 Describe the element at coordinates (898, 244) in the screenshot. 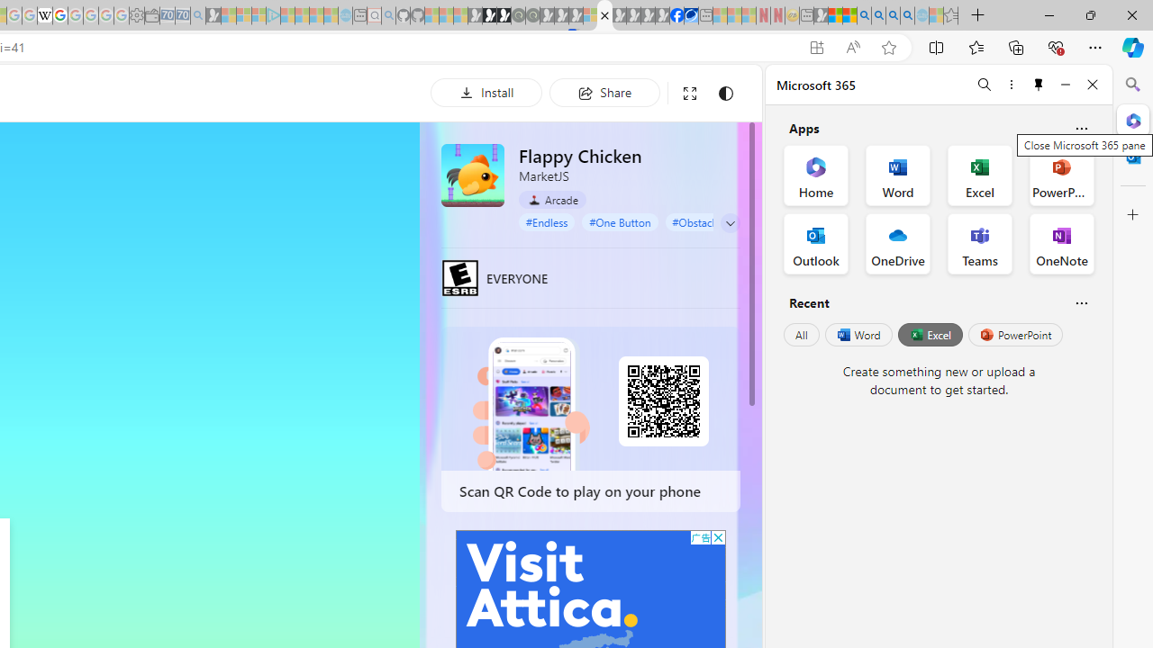

I see `'OneDrive Office App'` at that location.